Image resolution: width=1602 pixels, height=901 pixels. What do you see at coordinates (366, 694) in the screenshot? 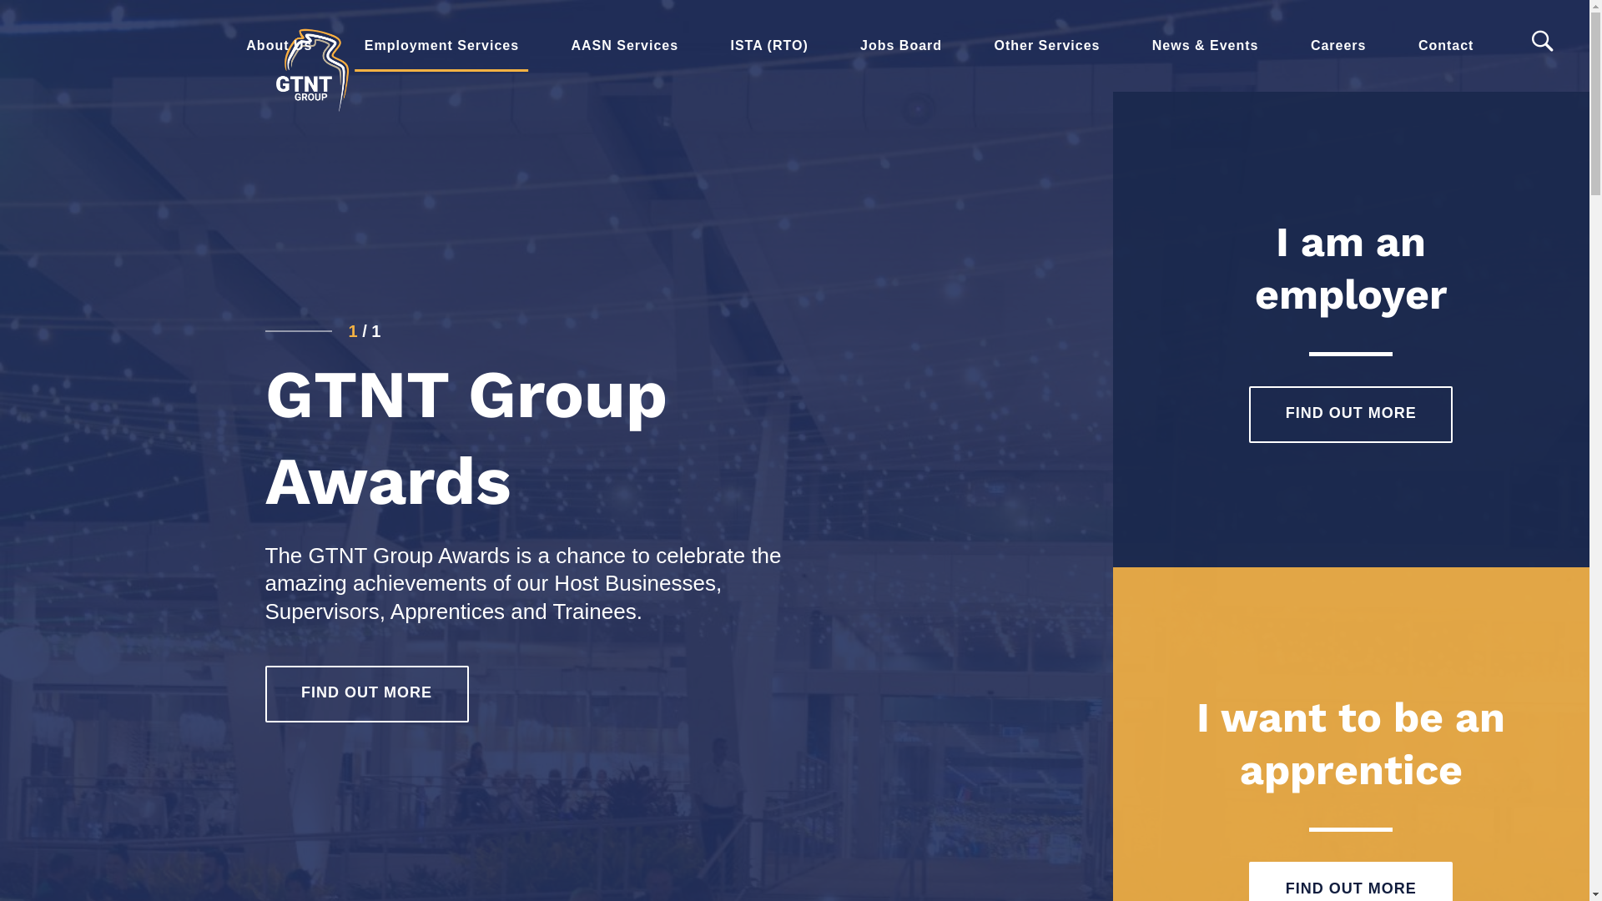
I see `'FIND OUT MORE'` at bounding box center [366, 694].